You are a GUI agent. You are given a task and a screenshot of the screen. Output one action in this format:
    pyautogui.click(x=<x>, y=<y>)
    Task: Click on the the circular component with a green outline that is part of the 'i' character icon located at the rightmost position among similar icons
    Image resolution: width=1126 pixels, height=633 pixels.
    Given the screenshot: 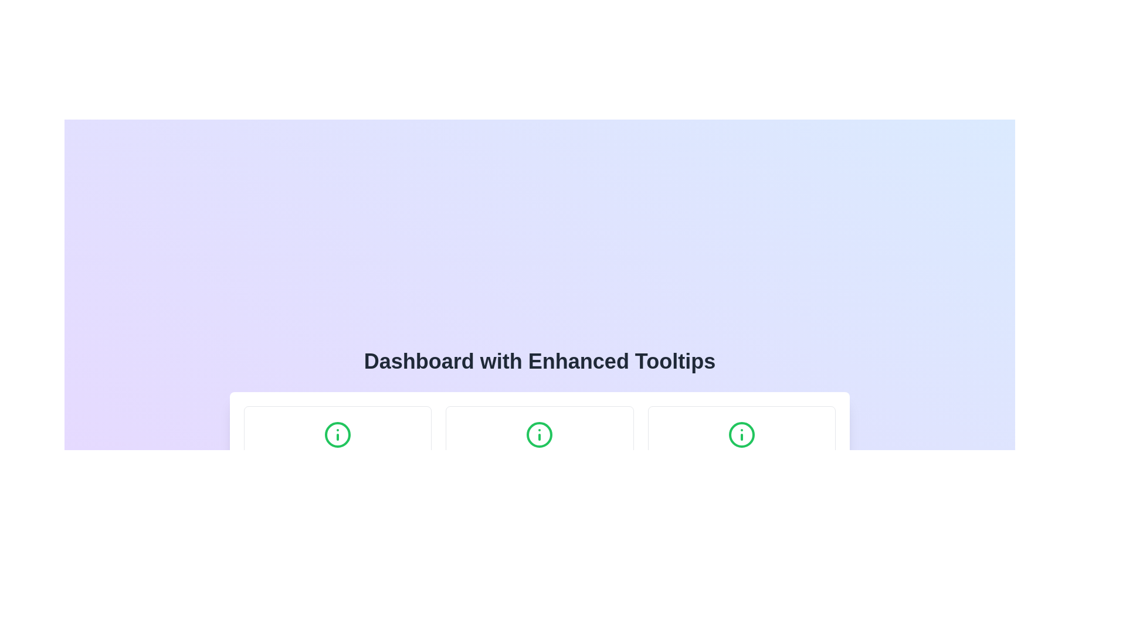 What is the action you would take?
    pyautogui.click(x=741, y=434)
    